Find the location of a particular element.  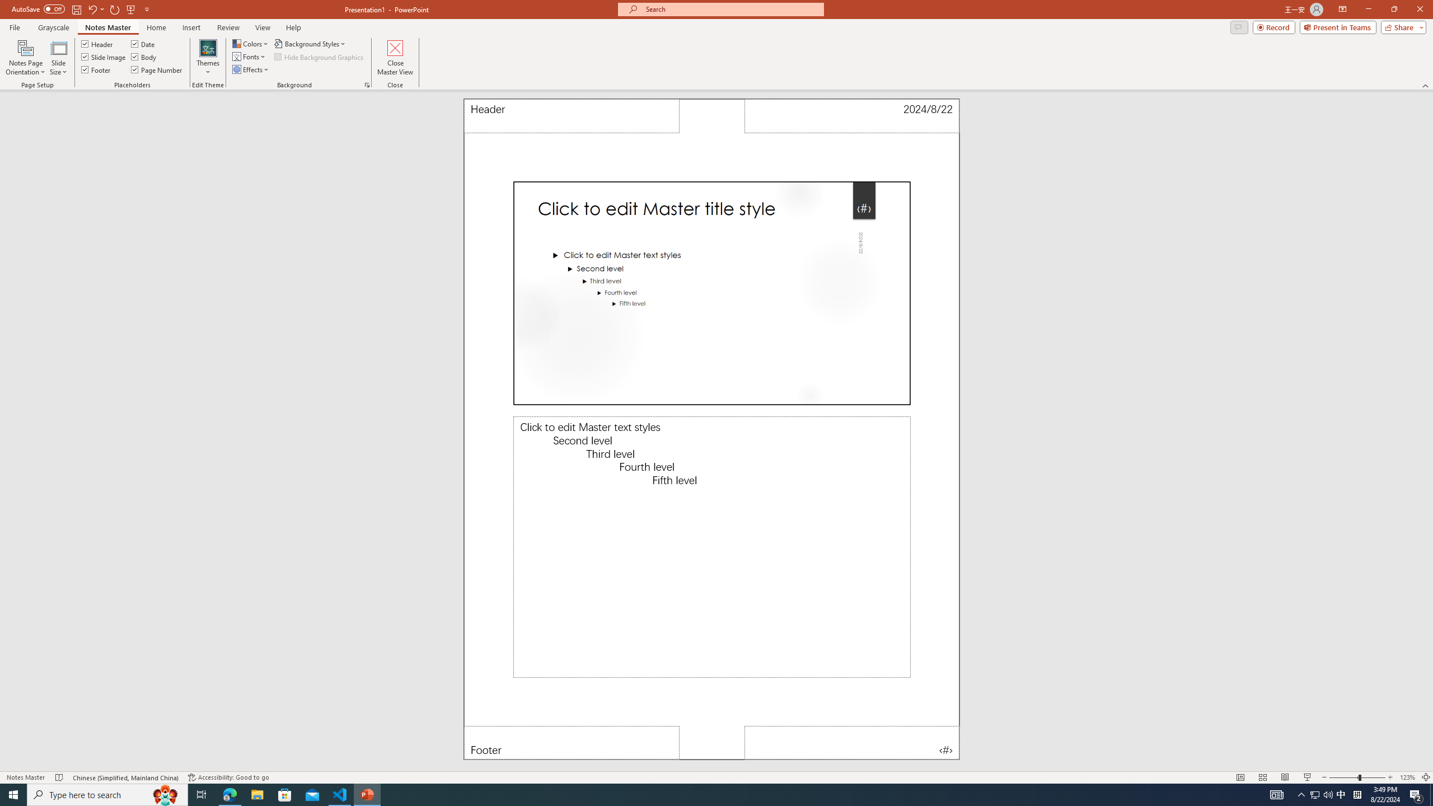

'Format Background...' is located at coordinates (367, 84).